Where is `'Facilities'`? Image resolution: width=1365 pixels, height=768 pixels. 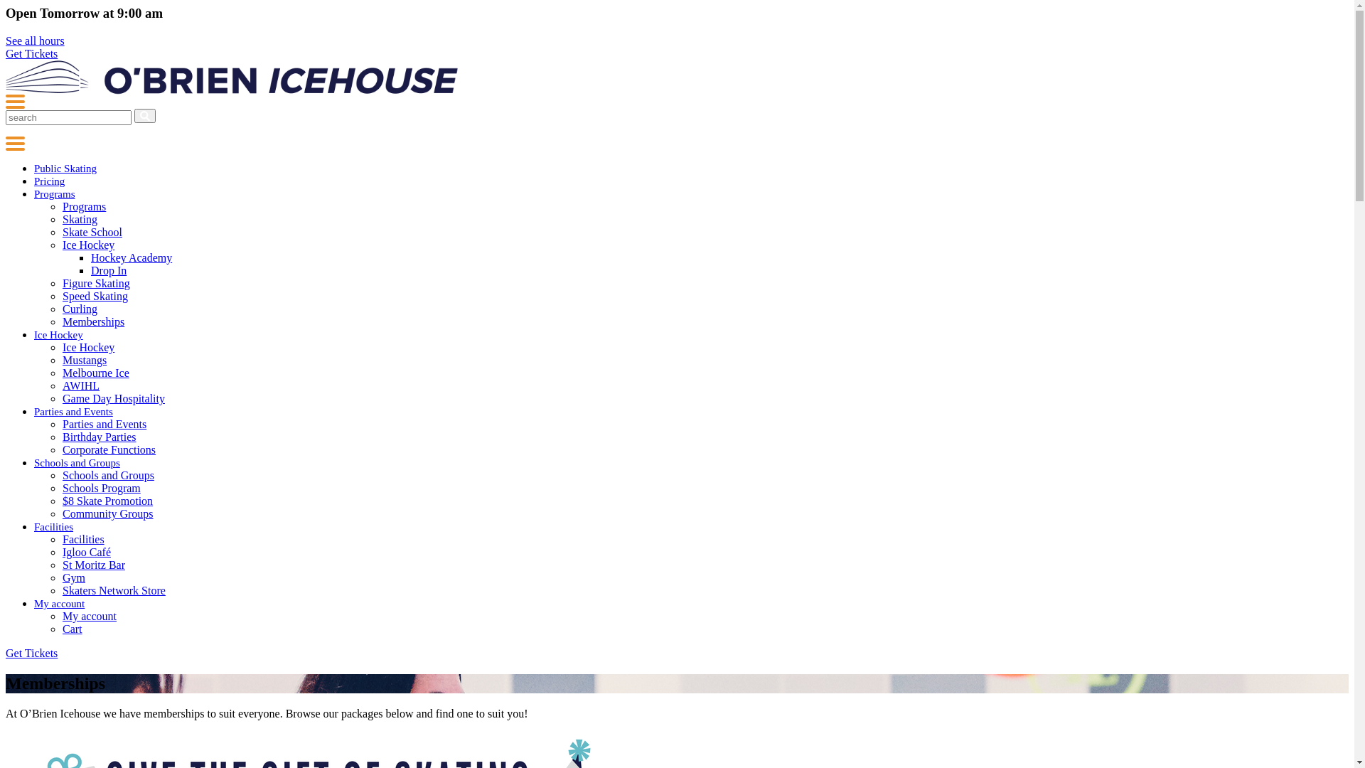
'Facilities' is located at coordinates (82, 539).